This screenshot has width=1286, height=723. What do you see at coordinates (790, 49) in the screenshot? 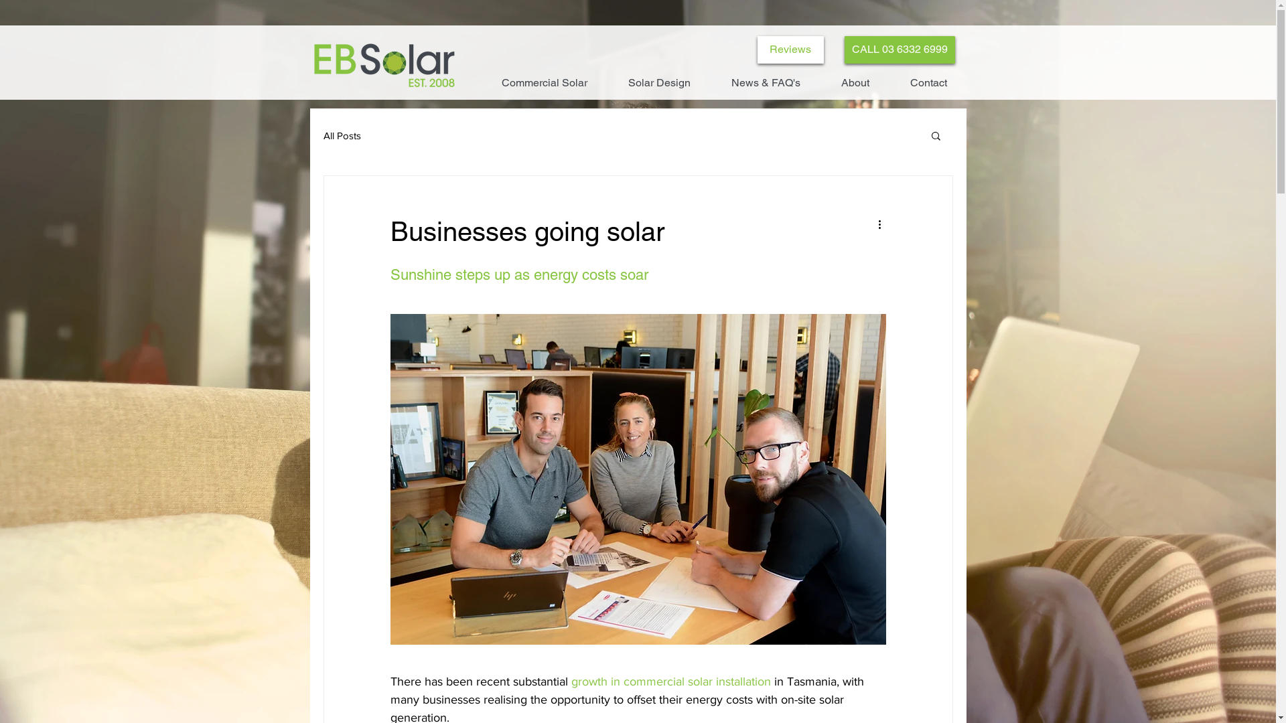
I see `'Reviews'` at bounding box center [790, 49].